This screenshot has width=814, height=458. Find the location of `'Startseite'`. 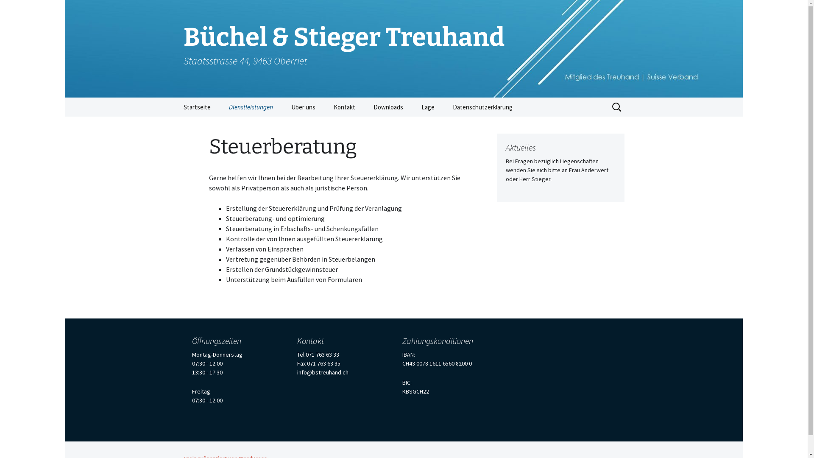

'Startseite' is located at coordinates (196, 106).